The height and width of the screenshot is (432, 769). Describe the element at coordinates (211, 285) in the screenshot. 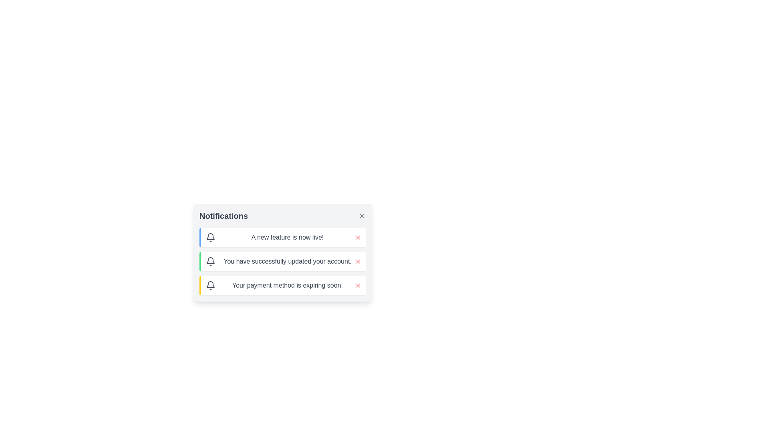

I see `the bell icon located to the left of the text 'Your payment method is expiring soon' in the notification list` at that location.